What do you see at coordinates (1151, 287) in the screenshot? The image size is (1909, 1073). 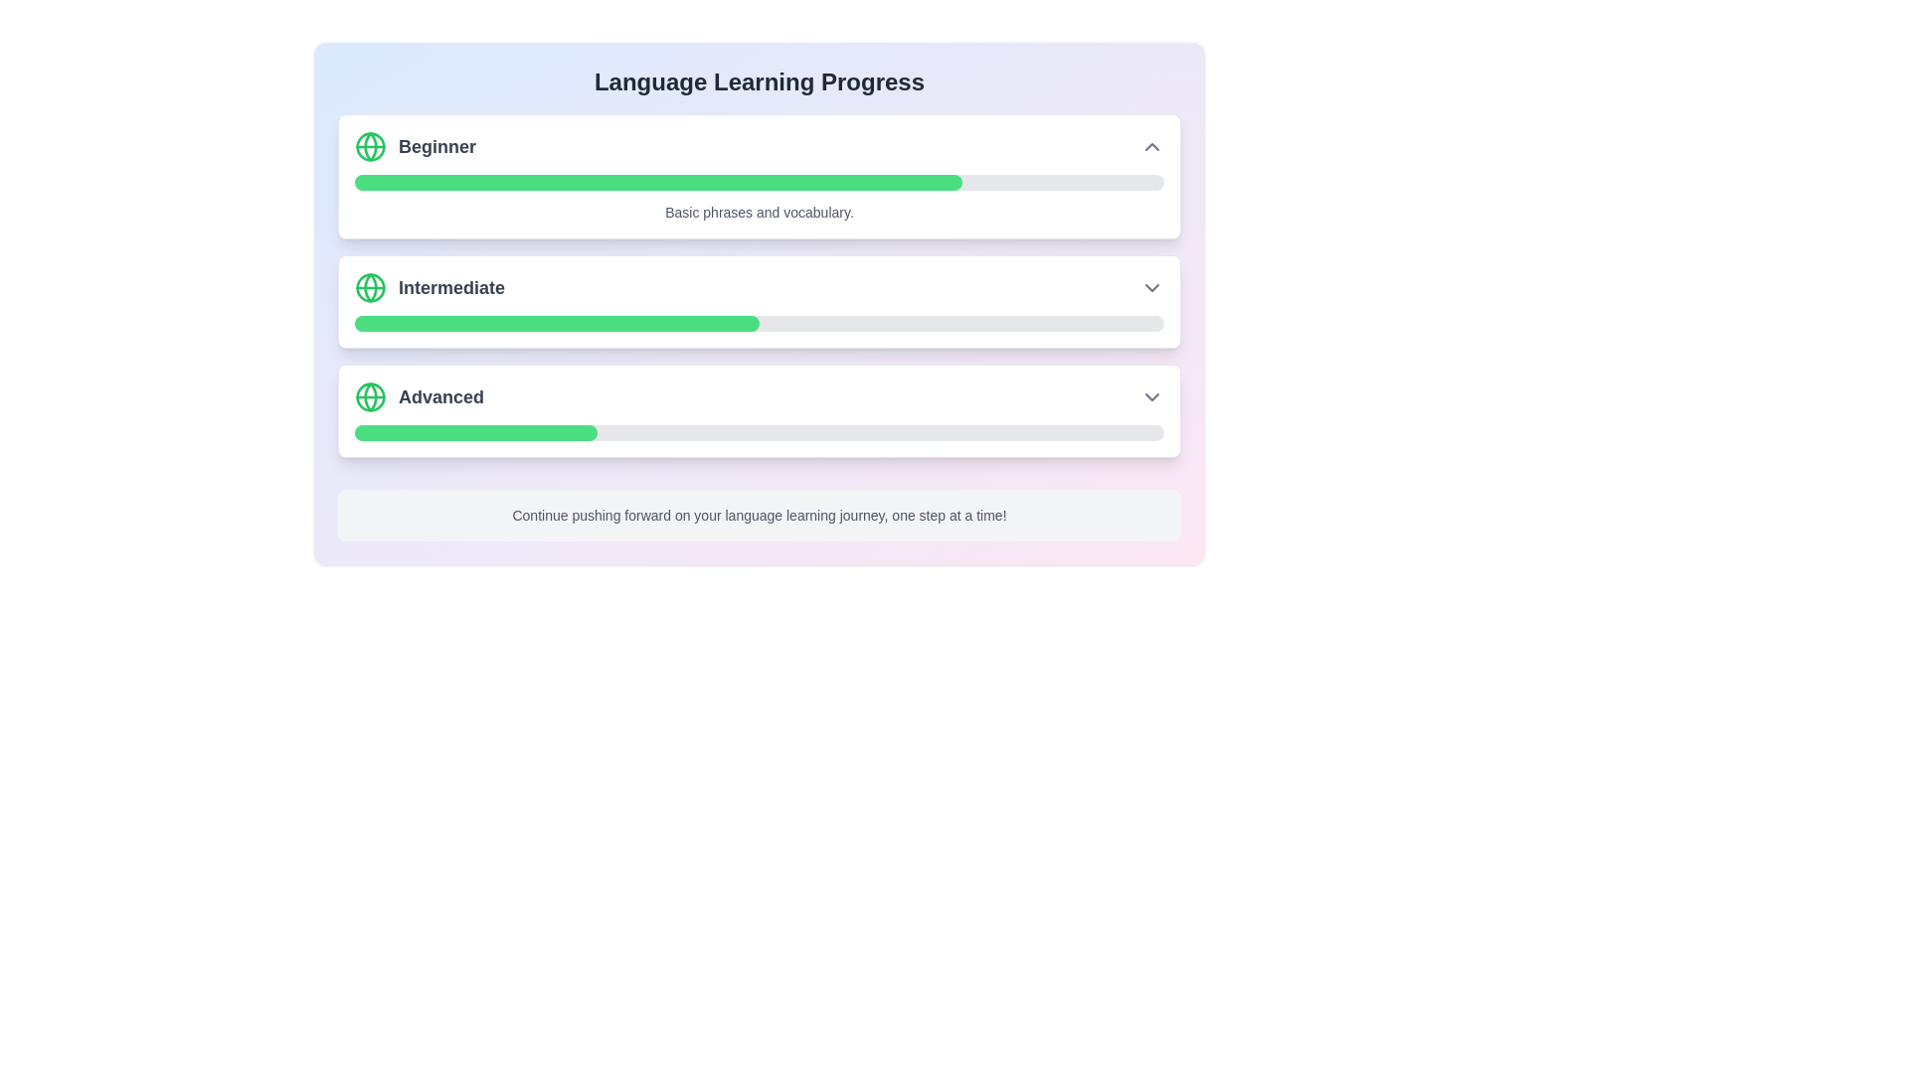 I see `the downward-pointing gray arrow icon located on the rightmost side of the 'Intermediate' section in the 'Language Learning Progress' interface` at bounding box center [1151, 287].